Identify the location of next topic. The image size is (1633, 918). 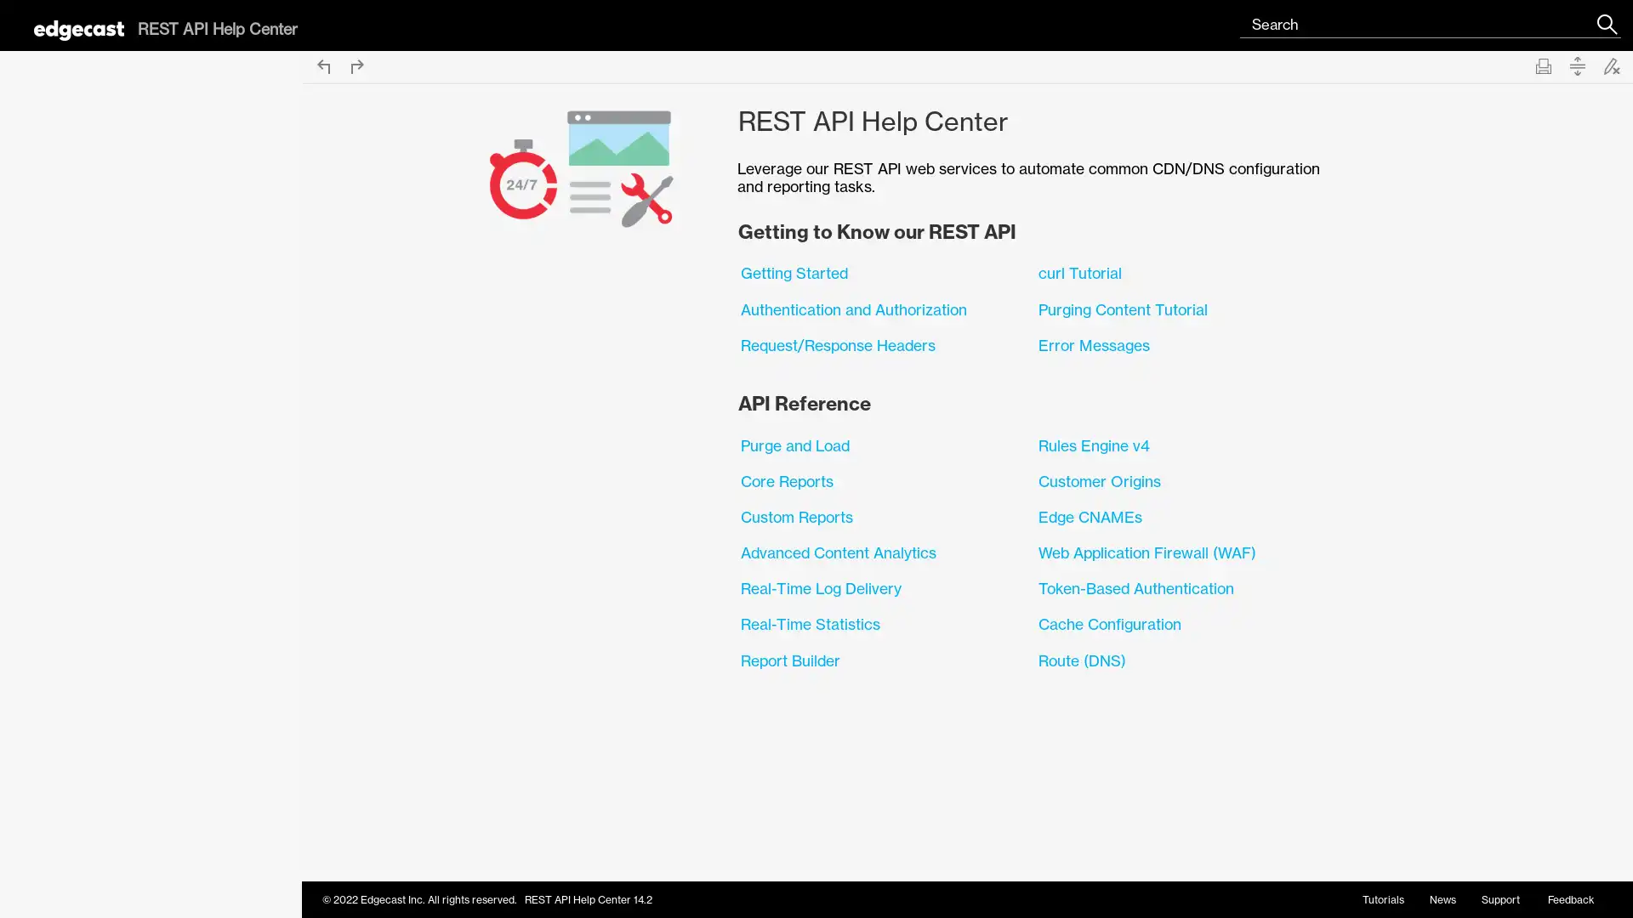
(356, 65).